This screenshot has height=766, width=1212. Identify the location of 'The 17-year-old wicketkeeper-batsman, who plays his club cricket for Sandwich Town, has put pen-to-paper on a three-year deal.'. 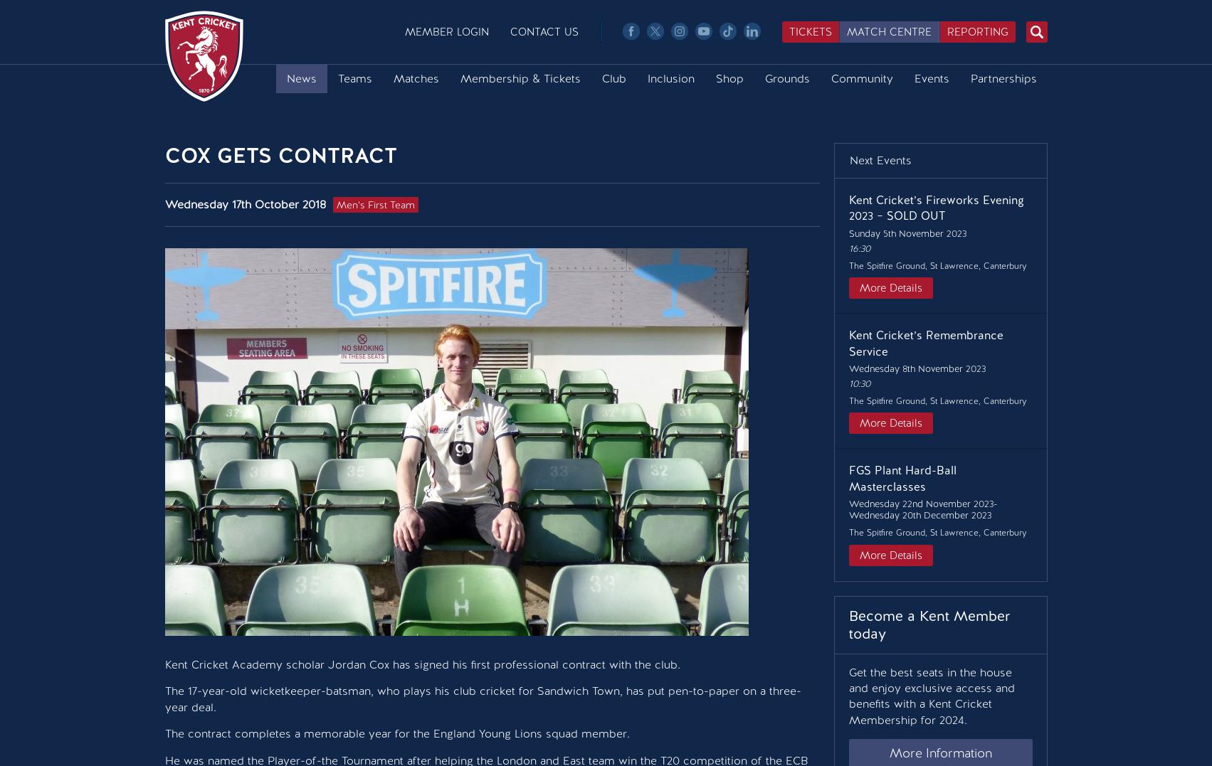
(481, 698).